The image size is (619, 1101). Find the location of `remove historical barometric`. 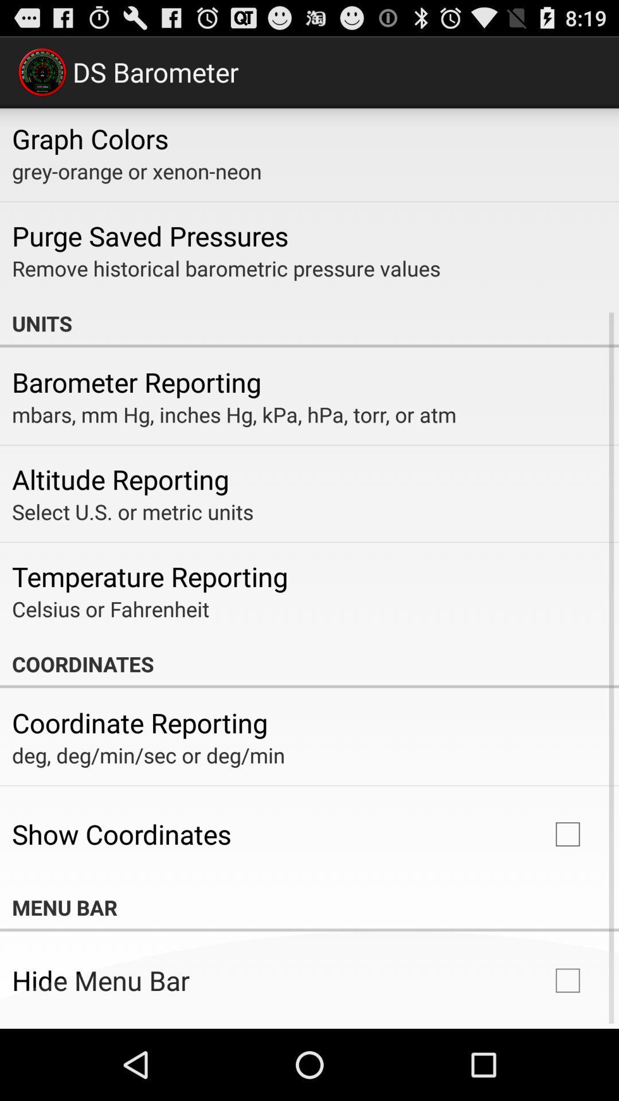

remove historical barometric is located at coordinates (226, 267).